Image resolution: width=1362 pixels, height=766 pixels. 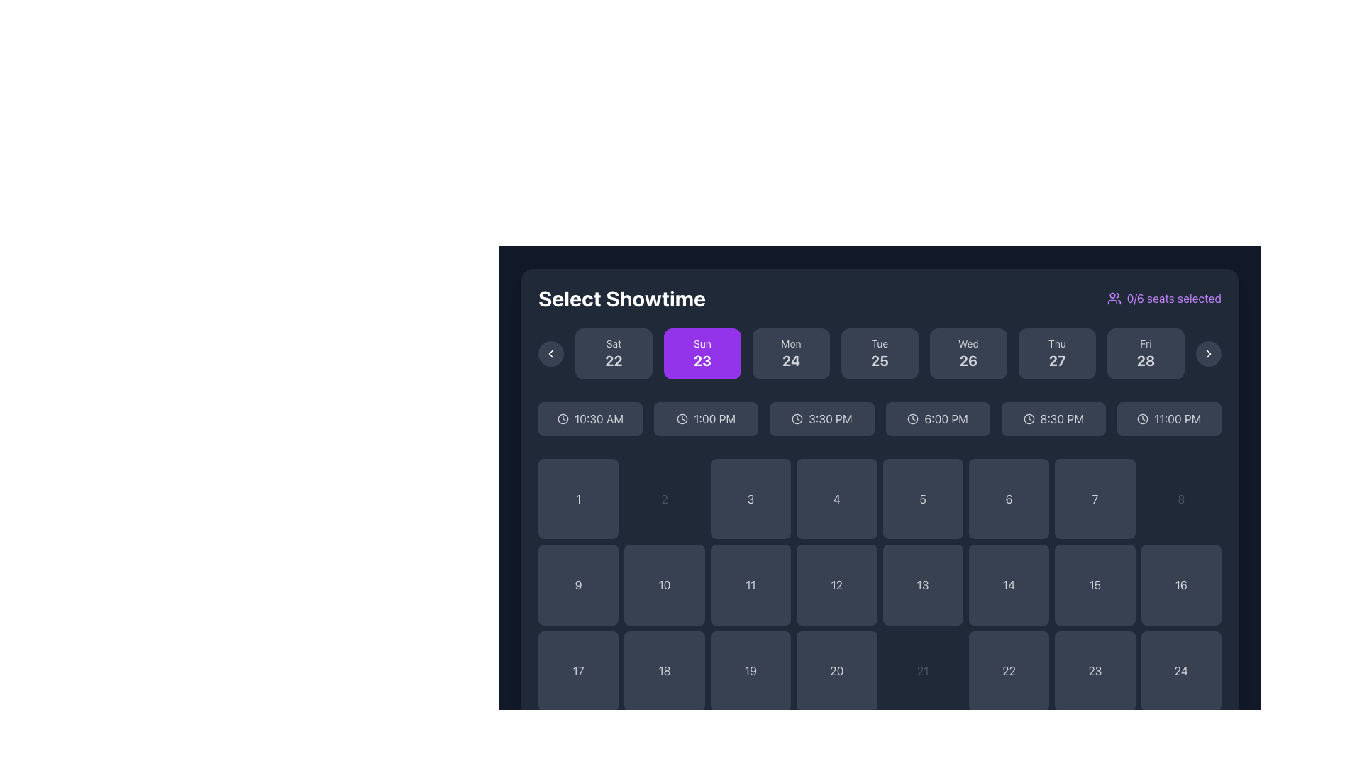 What do you see at coordinates (664, 498) in the screenshot?
I see `the disabled button labeled '2' with a dark background and rounded edges located in the first row, second column of the grid layout` at bounding box center [664, 498].